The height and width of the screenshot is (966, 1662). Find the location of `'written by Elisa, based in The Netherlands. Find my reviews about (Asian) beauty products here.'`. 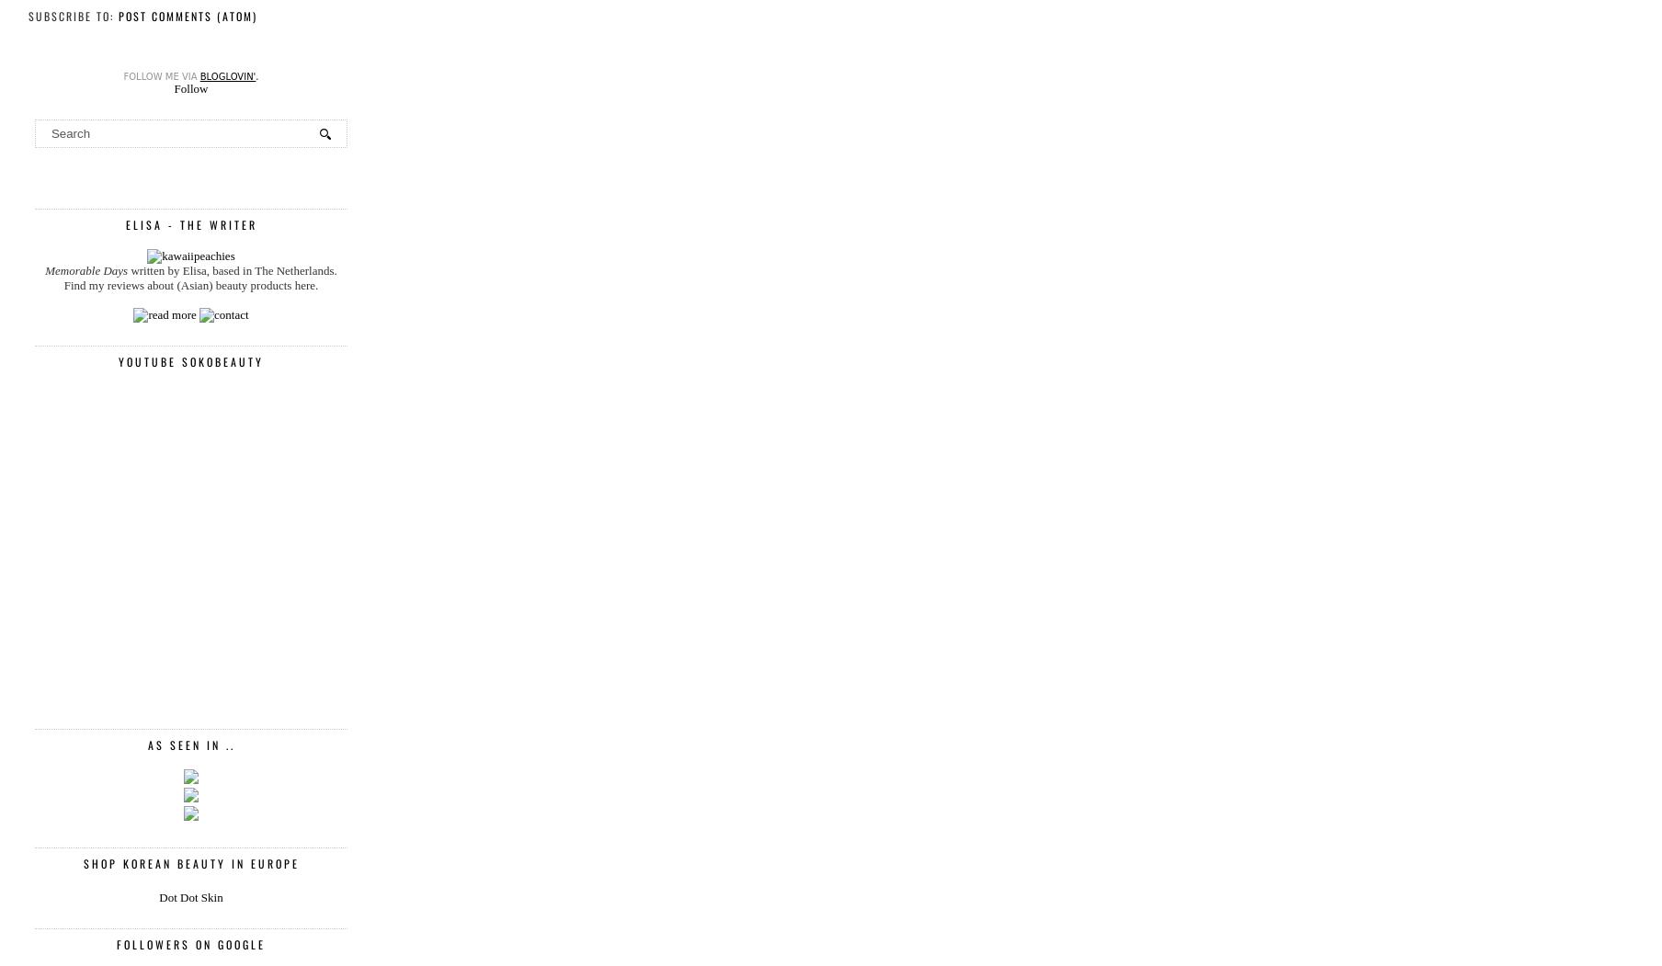

'written by Elisa, based in The Netherlands. Find my reviews about (Asian) beauty products here.' is located at coordinates (199, 277).